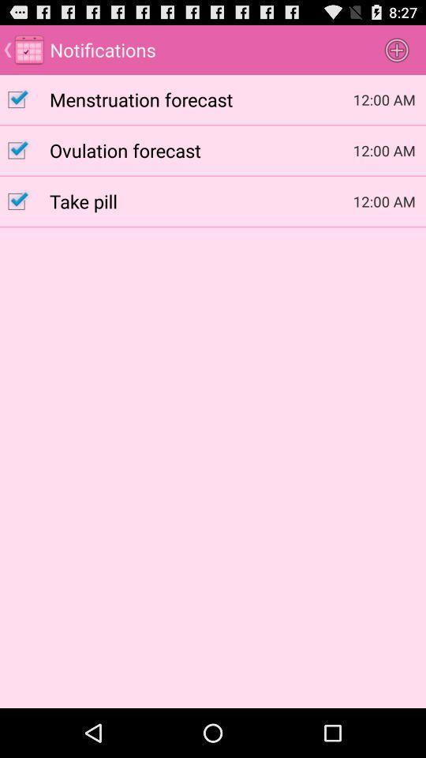 The image size is (426, 758). I want to click on the icon to the right of the notifications, so click(396, 49).